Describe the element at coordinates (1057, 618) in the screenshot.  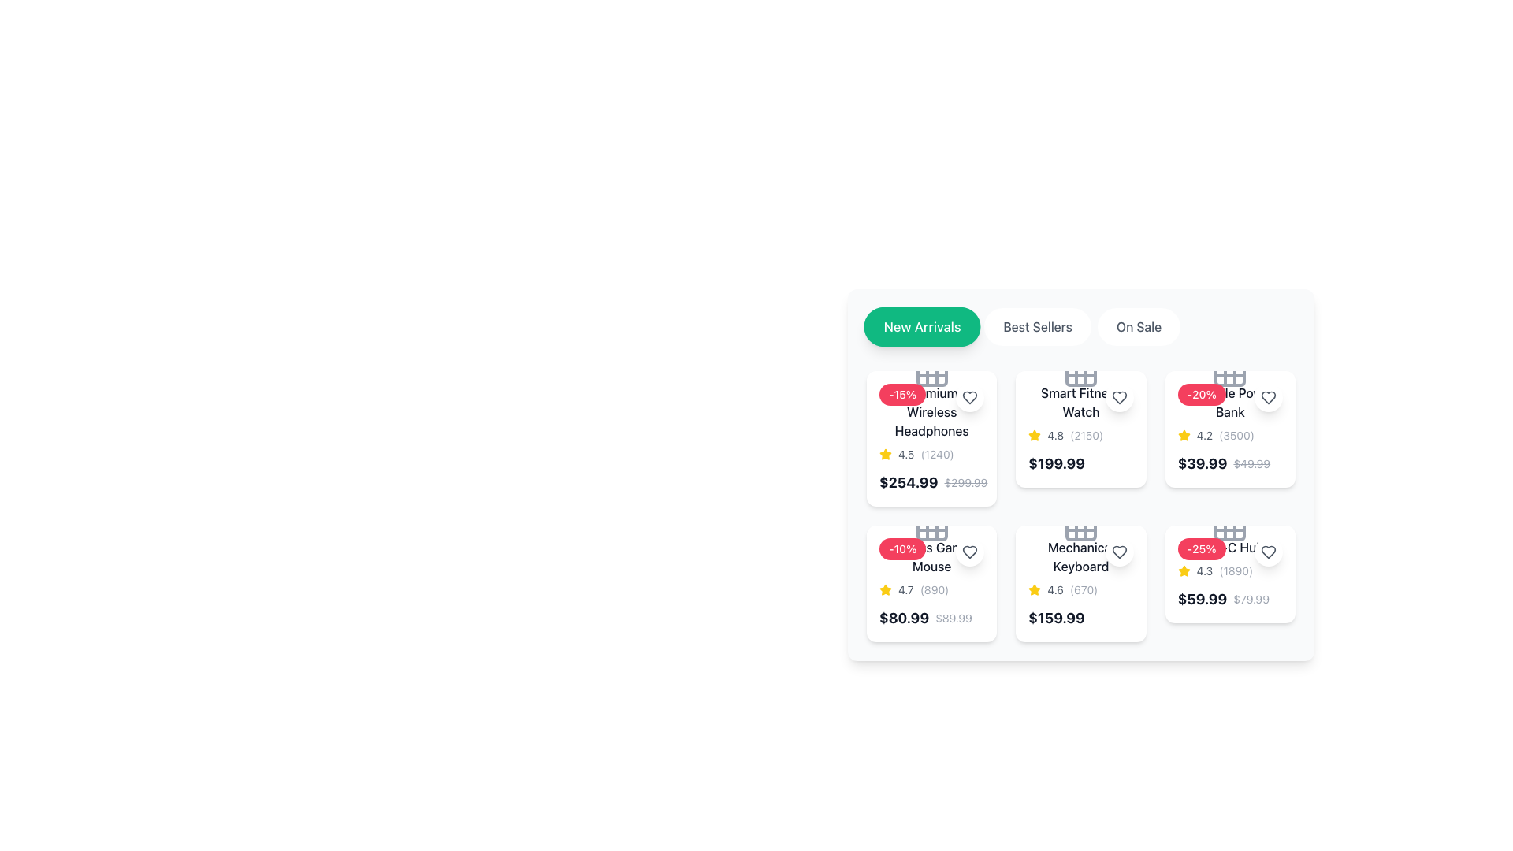
I see `price information displayed as '$159.99' in bold, black text located under the product titled 'Mechanical Keyboard' in the bottom-right card of the grid layout` at that location.